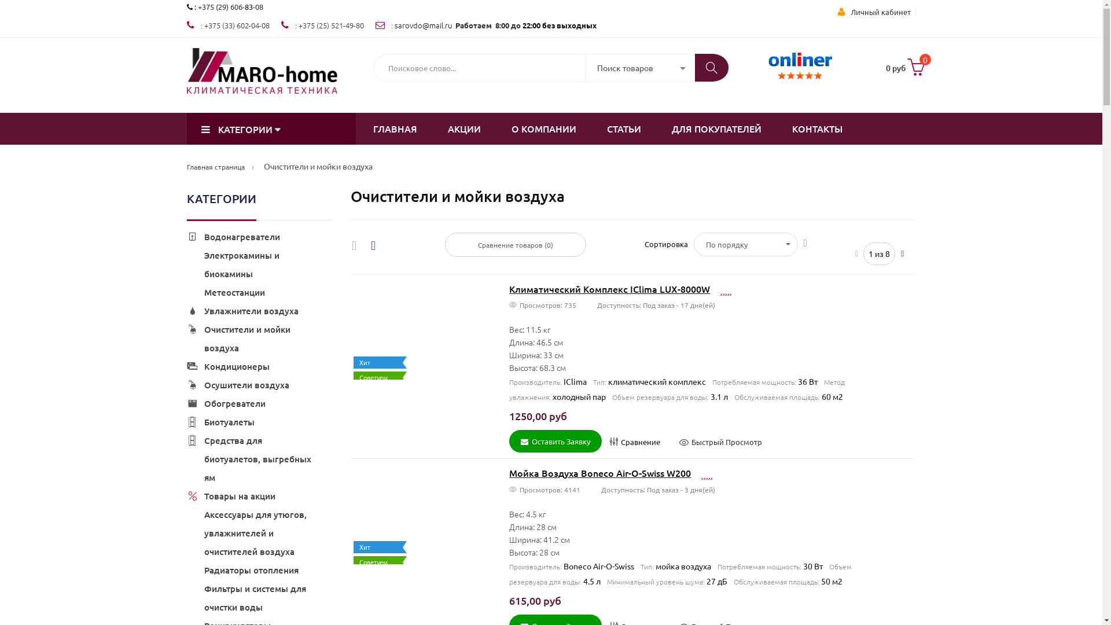 The image size is (1111, 625). Describe the element at coordinates (330, 25) in the screenshot. I see `'+375 (25) 521-49-80'` at that location.